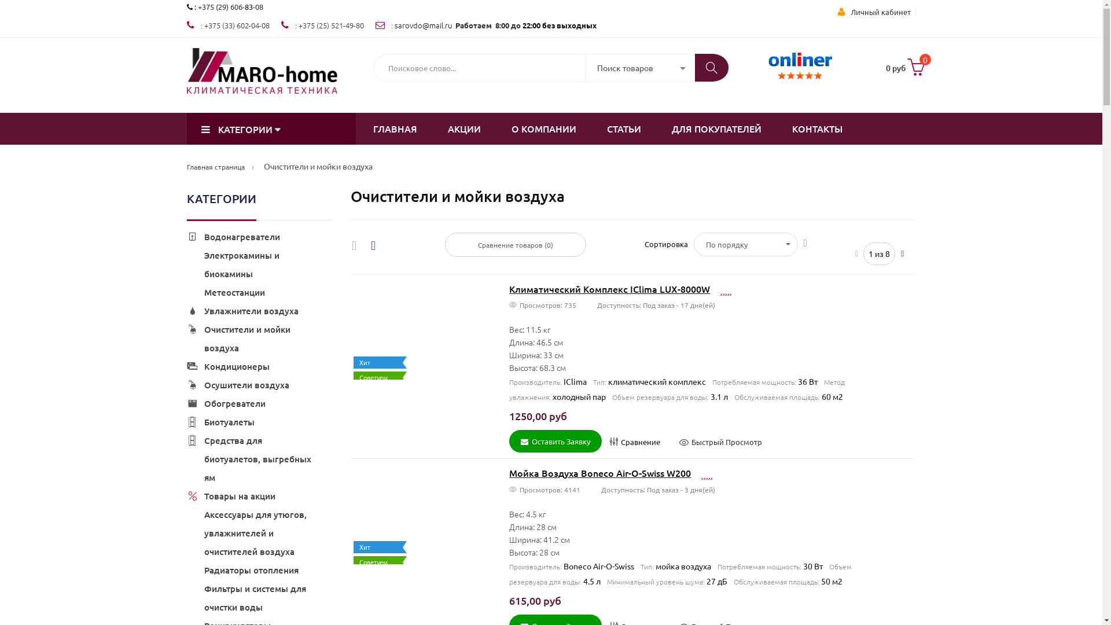 The image size is (1111, 625). Describe the element at coordinates (330, 25) in the screenshot. I see `'+375 (25) 521-49-80'` at that location.